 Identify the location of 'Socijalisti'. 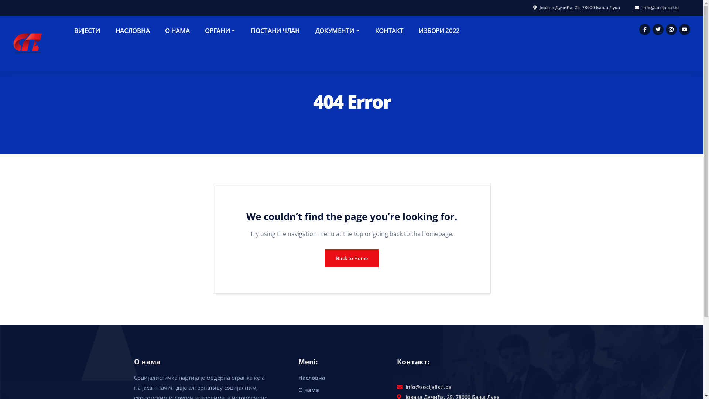
(0, 44).